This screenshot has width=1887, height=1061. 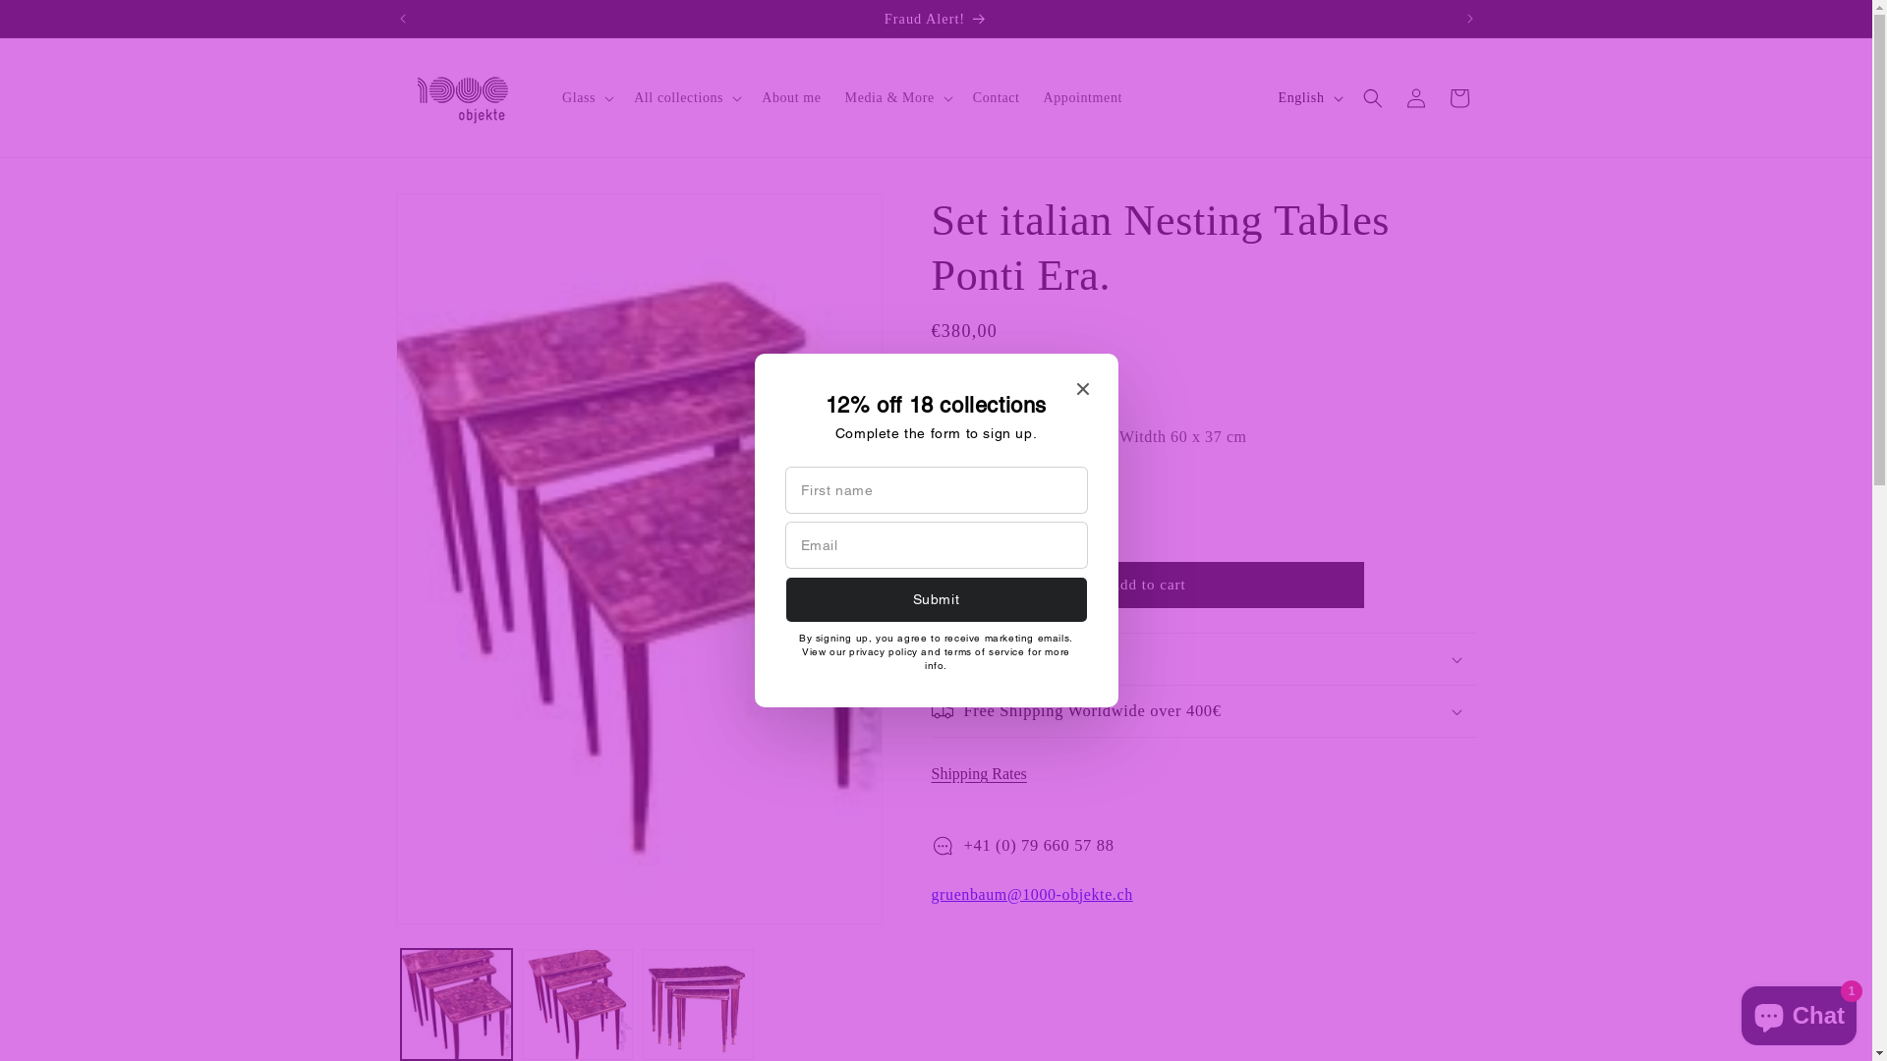 I want to click on 'About me', so click(x=791, y=98).